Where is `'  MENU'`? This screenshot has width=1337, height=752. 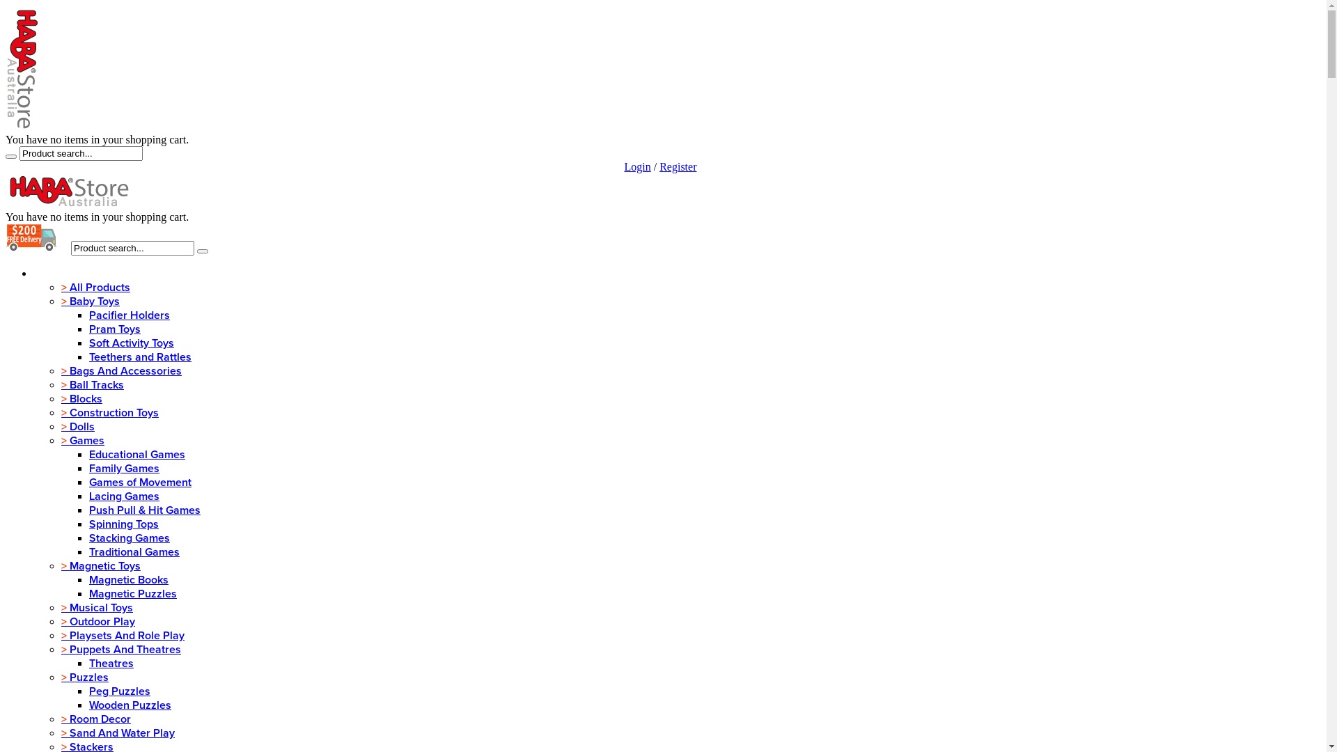 '  MENU' is located at coordinates (53, 274).